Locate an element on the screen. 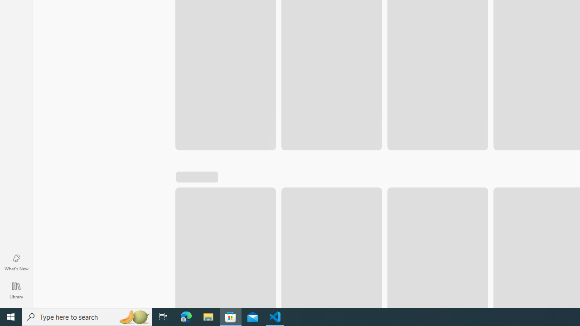  'Library' is located at coordinates (16, 290).